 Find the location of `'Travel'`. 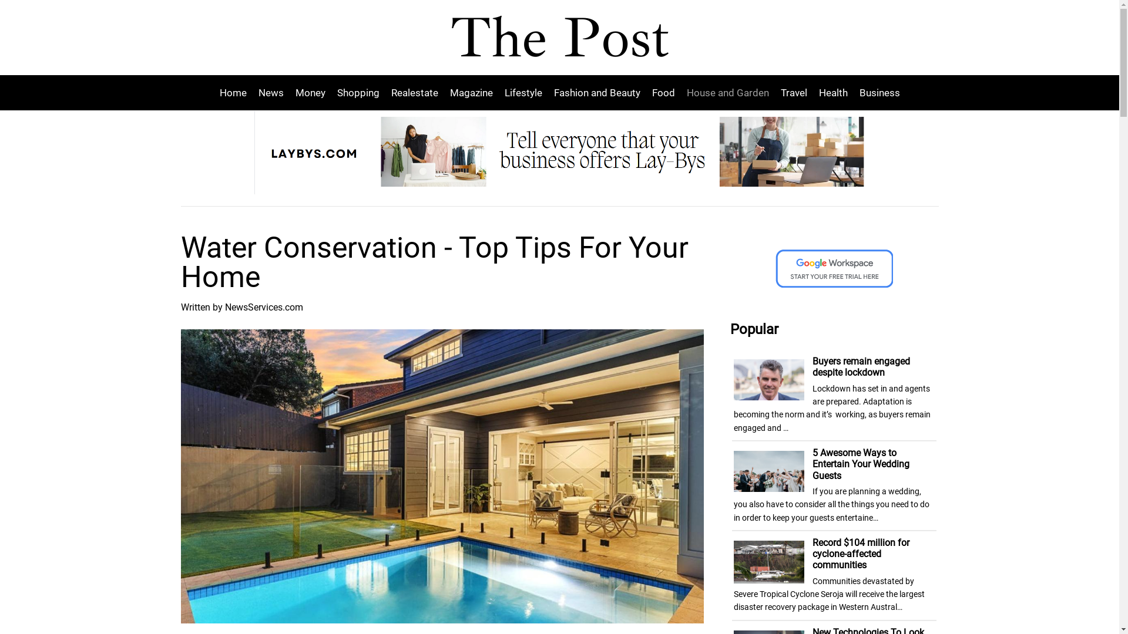

'Travel' is located at coordinates (793, 92).